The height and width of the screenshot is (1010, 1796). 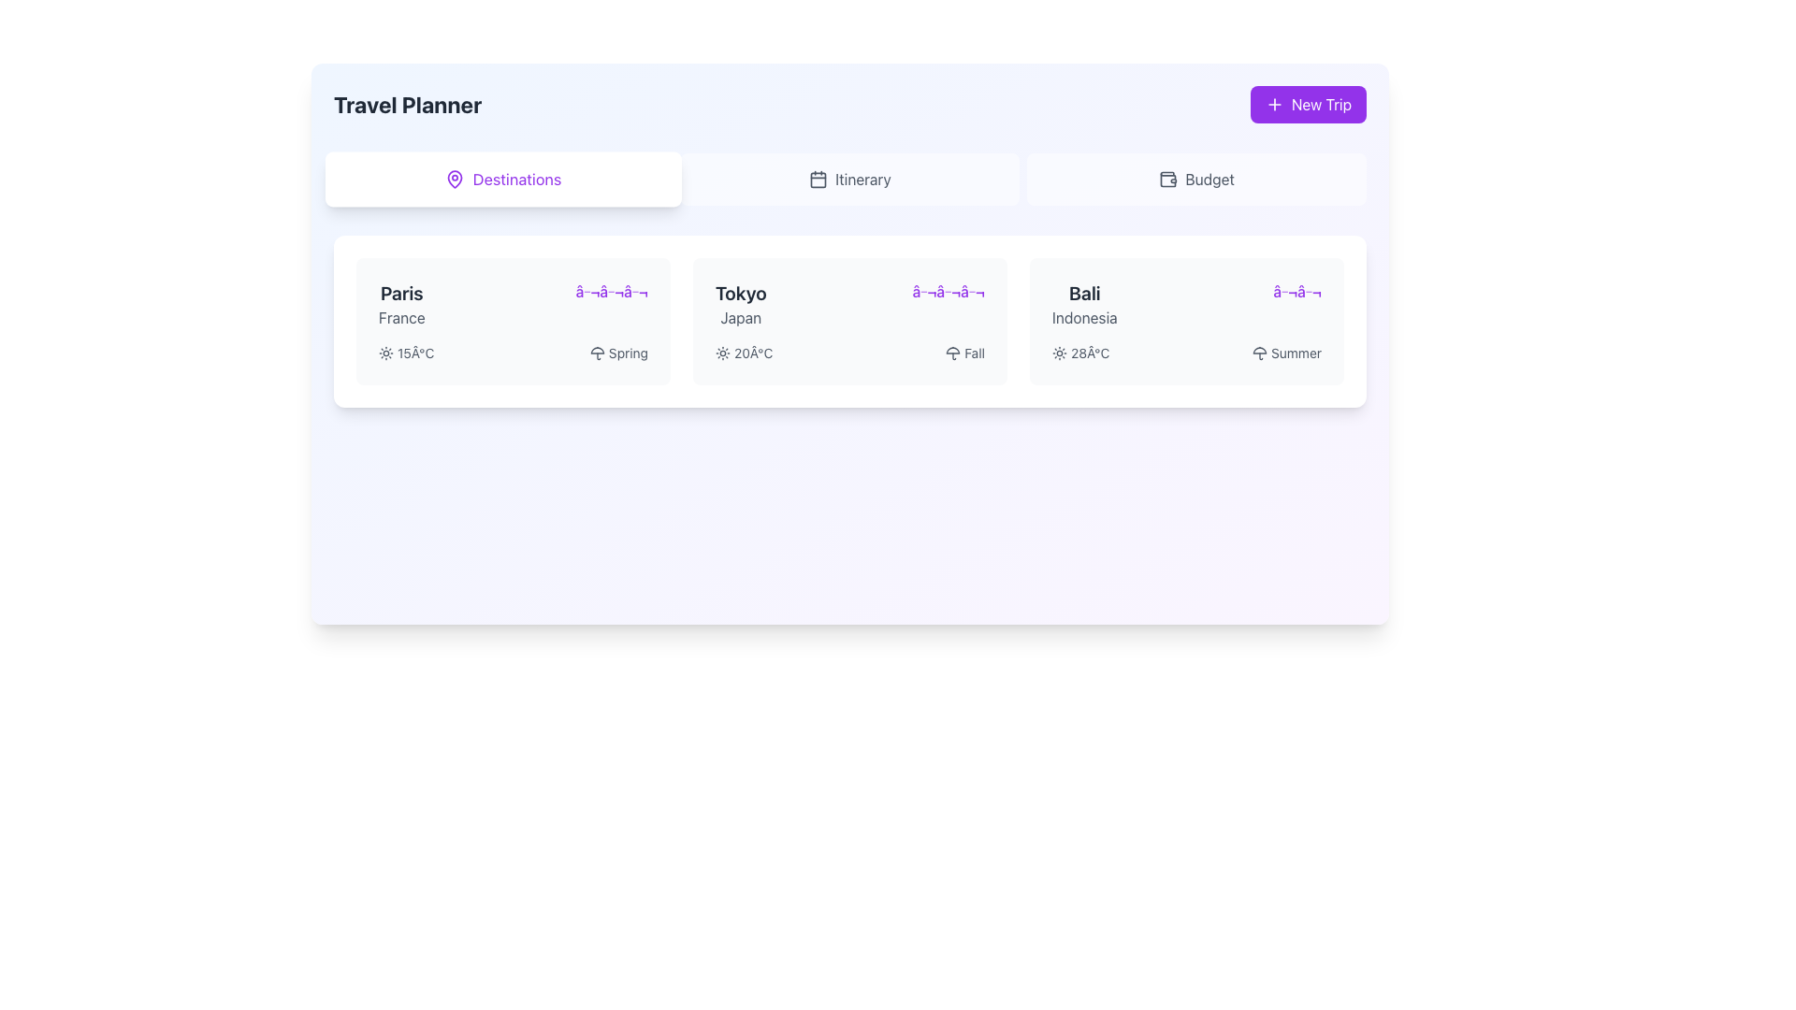 What do you see at coordinates (400, 304) in the screenshot?
I see `the text label identifying the travel destination 'Paris, France' located in the top-left corner of the first card in the 'Destinations' section` at bounding box center [400, 304].